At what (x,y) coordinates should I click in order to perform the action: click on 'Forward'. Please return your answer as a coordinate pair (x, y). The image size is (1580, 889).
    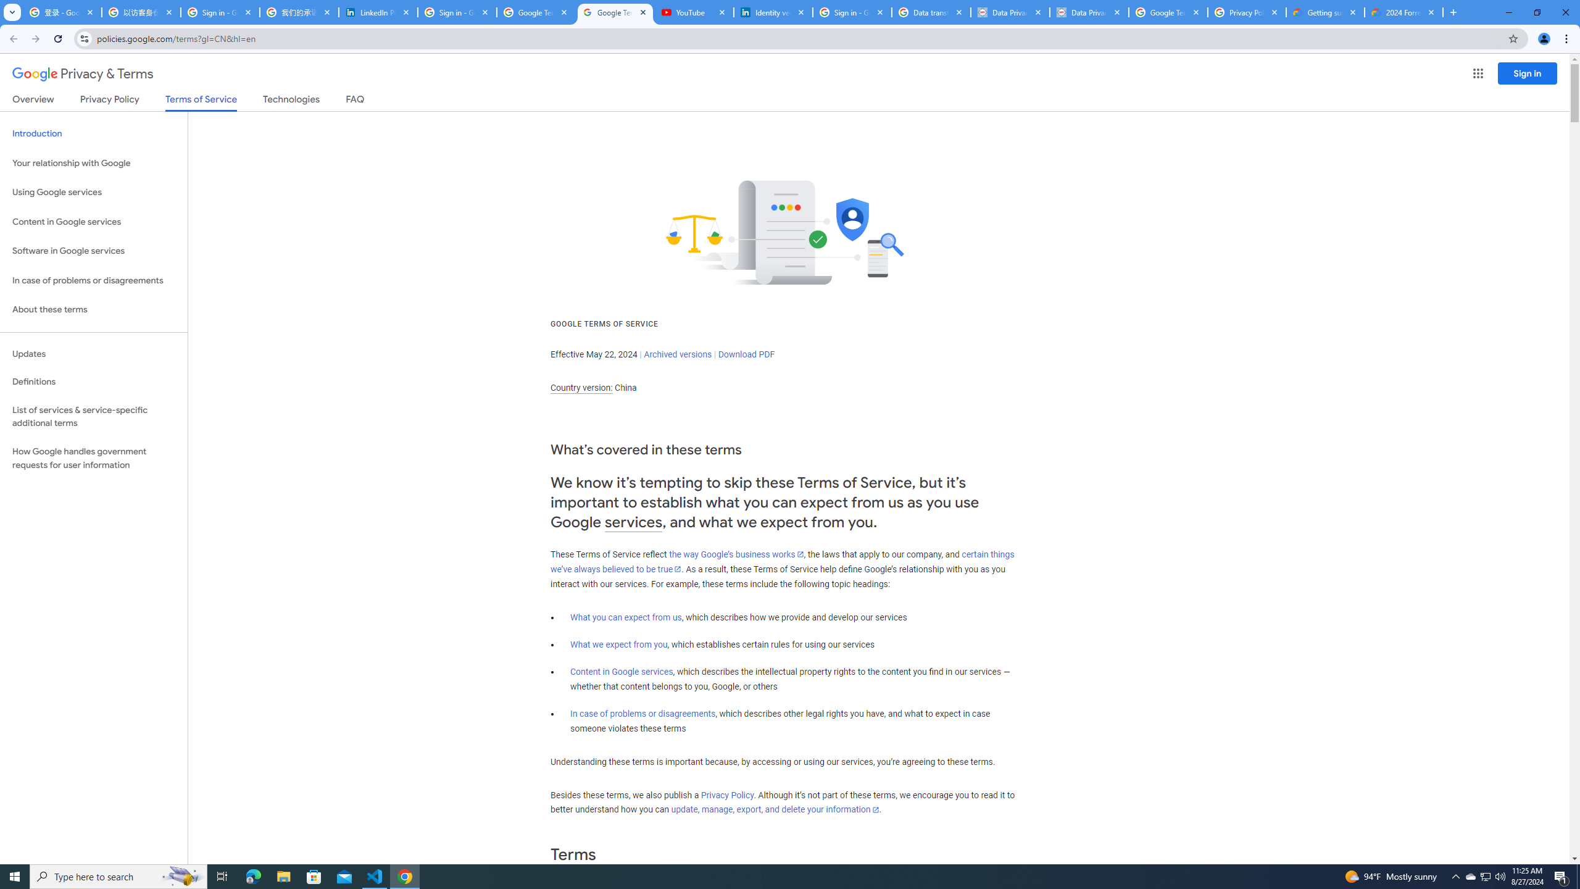
    Looking at the image, I should click on (35, 38).